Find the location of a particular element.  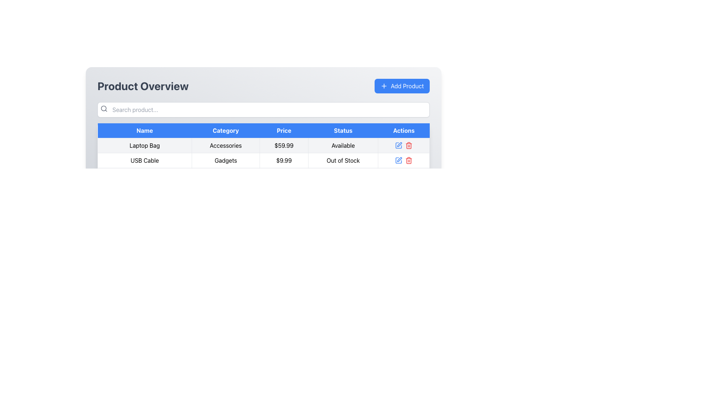

the non-interactive table cell displaying 'Accessories', which is the second cell in the first row under the 'Product Overview' section, positioned between 'Laptop Bag' and '$59.99' is located at coordinates (225, 145).